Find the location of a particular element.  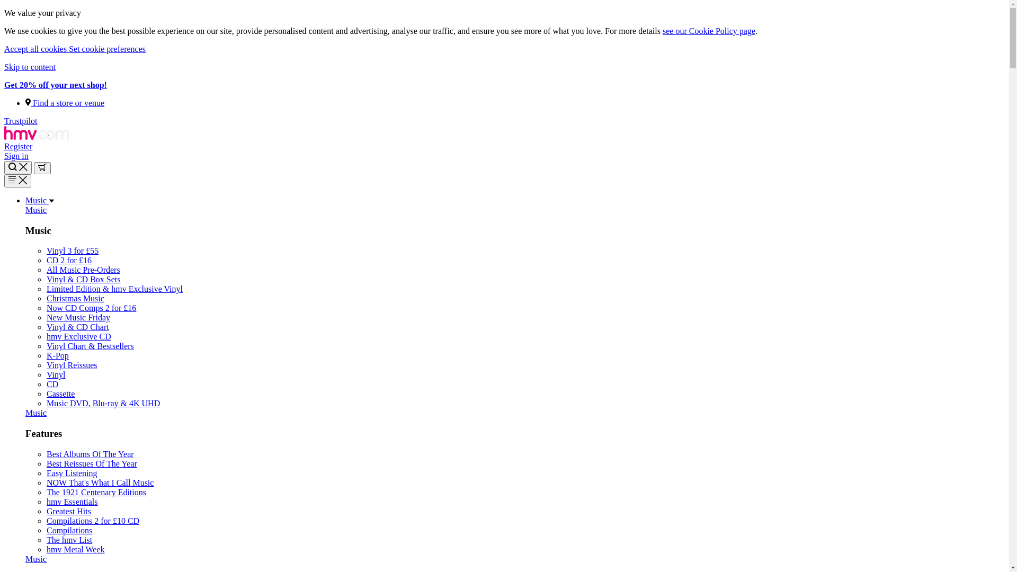

'Best Albums Of The Year' is located at coordinates (90, 453).